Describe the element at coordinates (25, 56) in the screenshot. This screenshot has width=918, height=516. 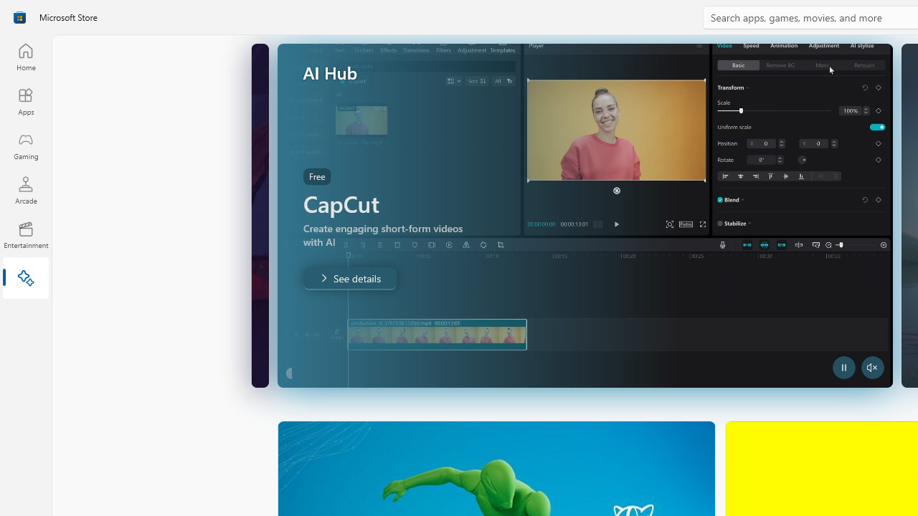
I see `'Home'` at that location.